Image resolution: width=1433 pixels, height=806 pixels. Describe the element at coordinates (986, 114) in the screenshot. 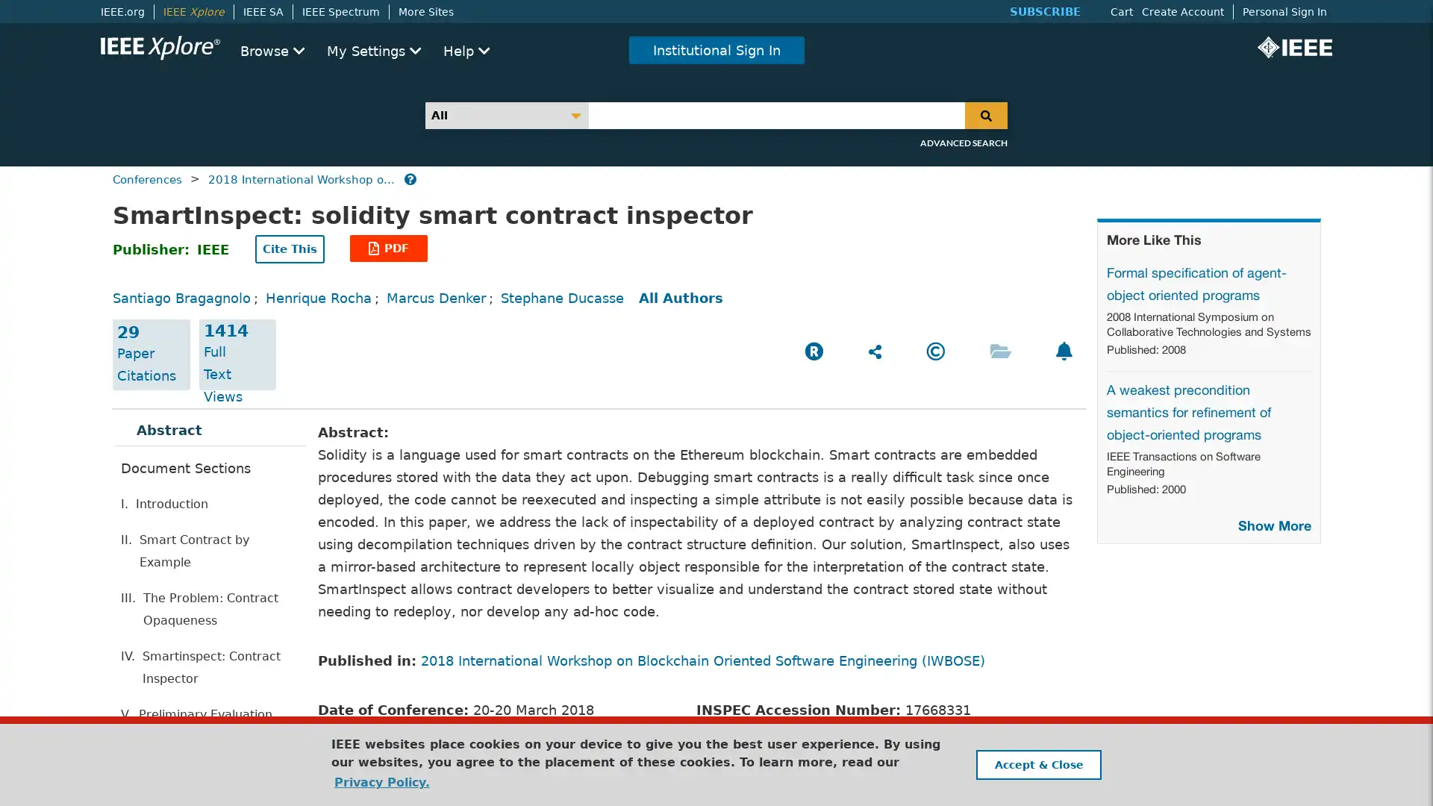

I see `Search` at that location.